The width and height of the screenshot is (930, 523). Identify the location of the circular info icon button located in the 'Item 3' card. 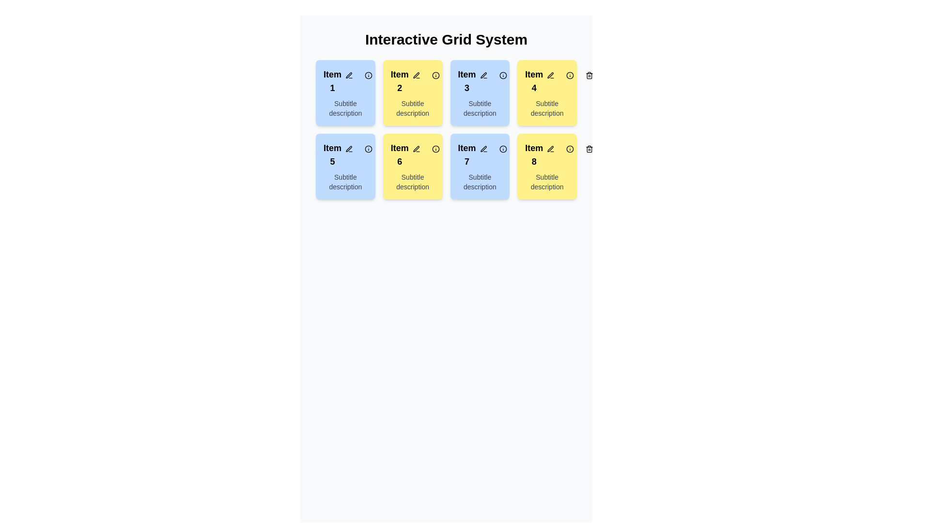
(503, 75).